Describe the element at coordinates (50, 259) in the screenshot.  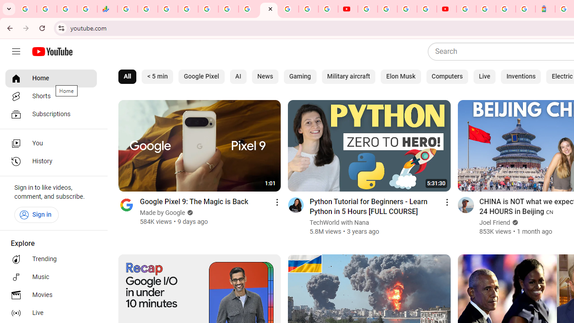
I see `'Trending'` at that location.